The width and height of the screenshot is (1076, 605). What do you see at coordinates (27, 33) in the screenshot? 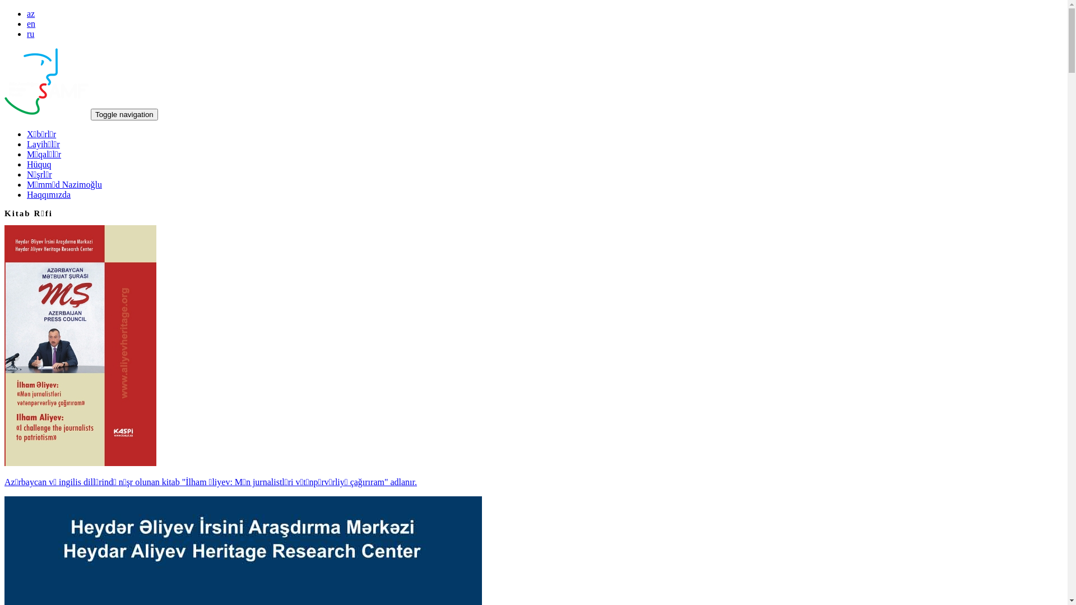
I see `'ru'` at bounding box center [27, 33].